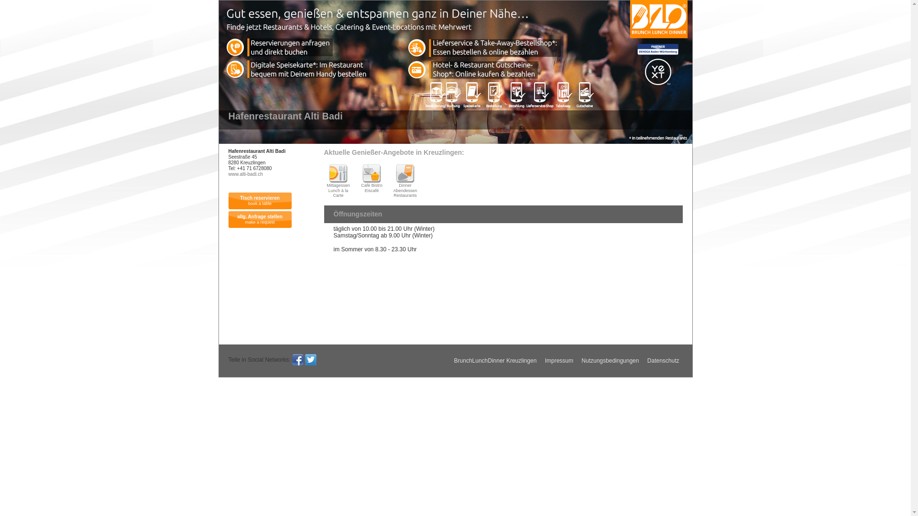 The height and width of the screenshot is (516, 918). Describe the element at coordinates (610, 361) in the screenshot. I see `'Nutzungsbedingungen'` at that location.